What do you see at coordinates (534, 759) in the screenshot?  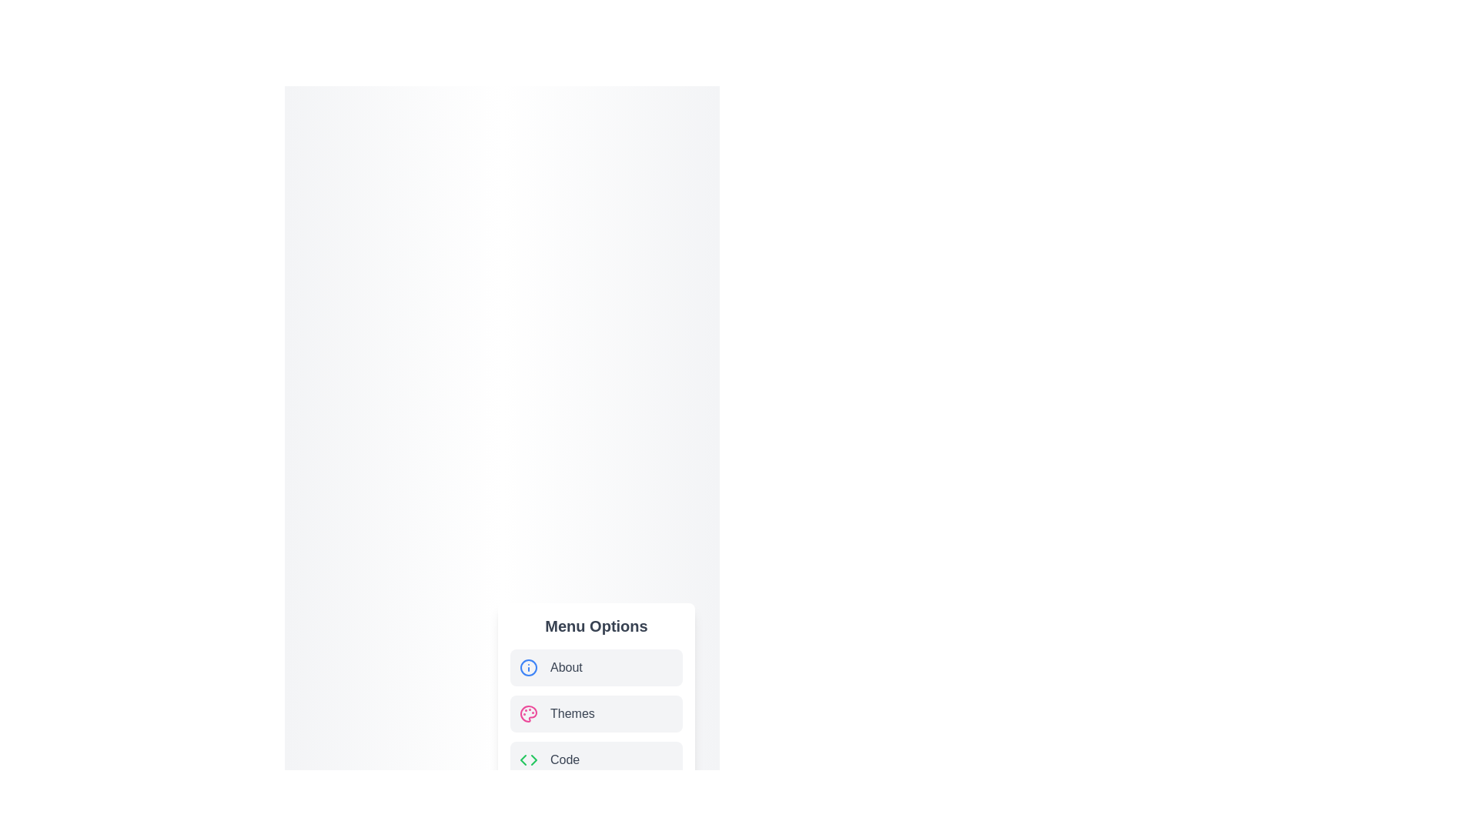 I see `the visual design of the green-colored, right-pointing arrow within the icon representing the 'Code' menu option, located on the right side of the SVG` at bounding box center [534, 759].